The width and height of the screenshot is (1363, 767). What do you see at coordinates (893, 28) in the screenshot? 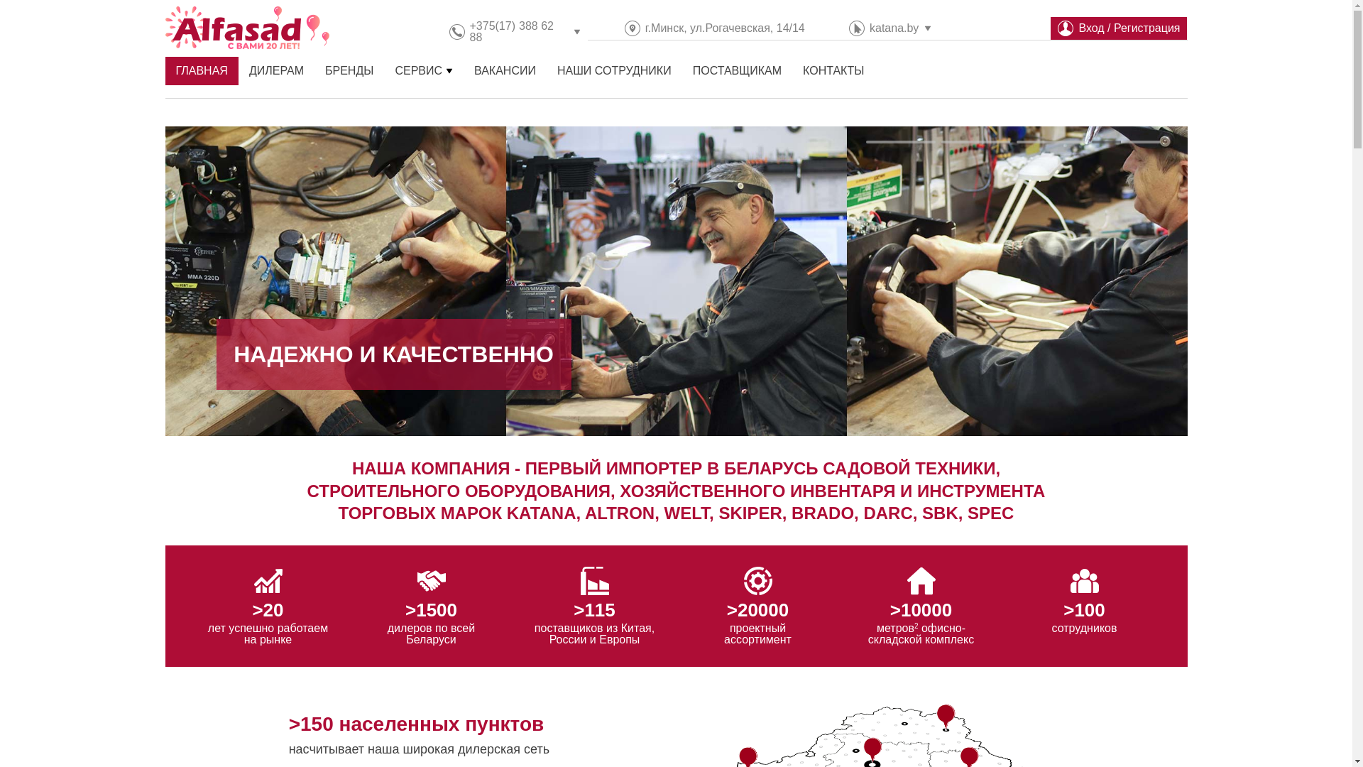
I see `'katana.by'` at bounding box center [893, 28].